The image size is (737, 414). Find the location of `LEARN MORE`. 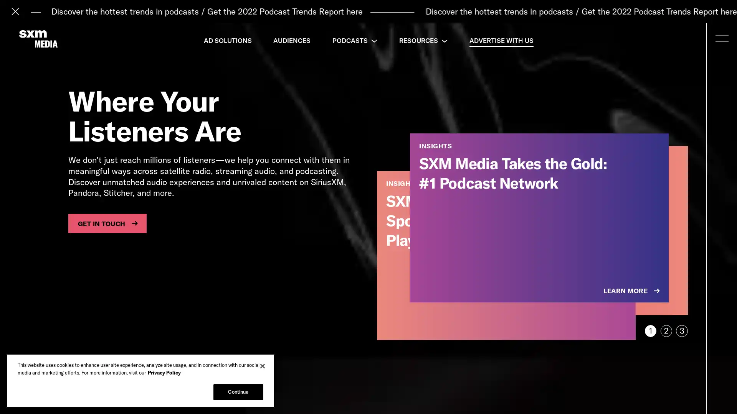

LEARN MORE is located at coordinates (632, 291).